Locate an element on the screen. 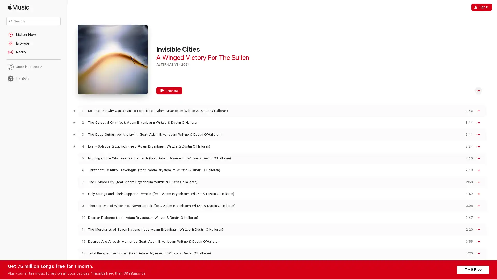  More is located at coordinates (478, 158).